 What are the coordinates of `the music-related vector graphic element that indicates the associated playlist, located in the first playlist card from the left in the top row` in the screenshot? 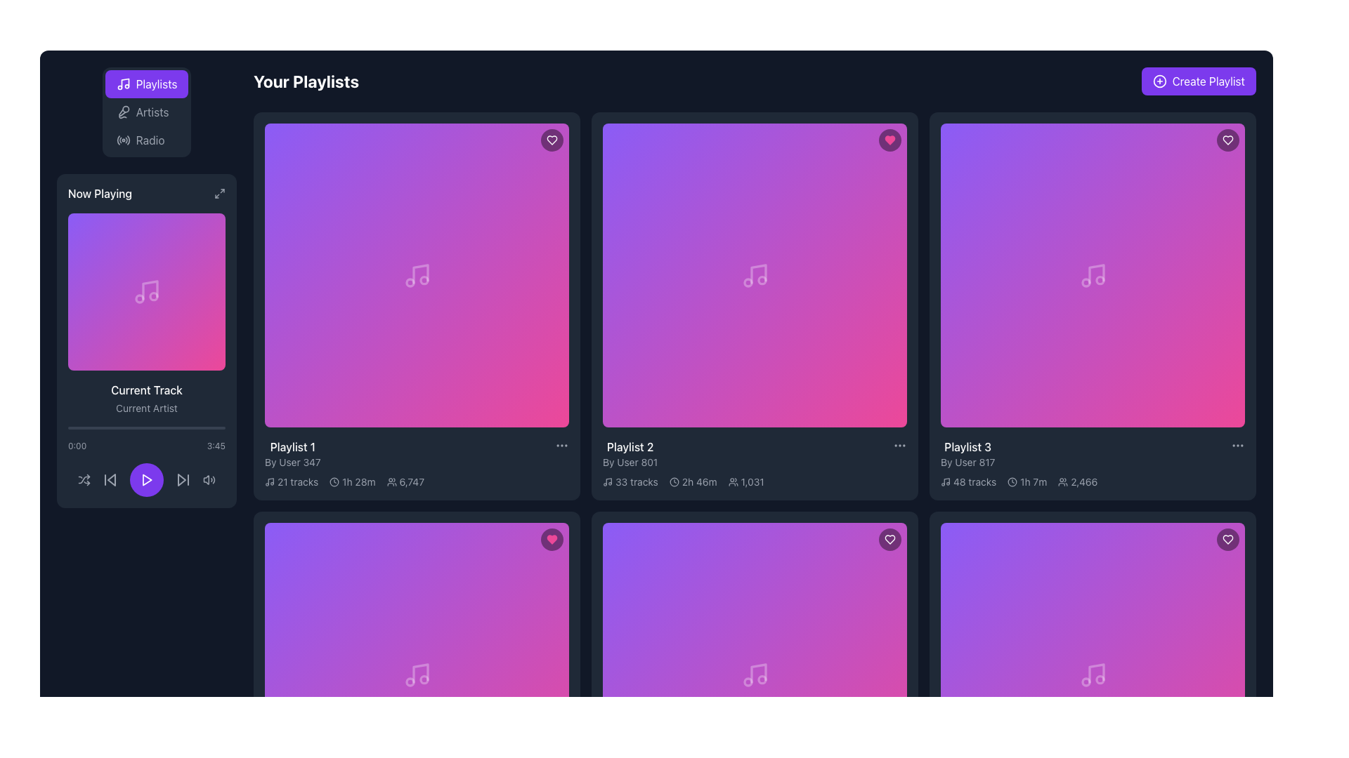 It's located at (271, 481).